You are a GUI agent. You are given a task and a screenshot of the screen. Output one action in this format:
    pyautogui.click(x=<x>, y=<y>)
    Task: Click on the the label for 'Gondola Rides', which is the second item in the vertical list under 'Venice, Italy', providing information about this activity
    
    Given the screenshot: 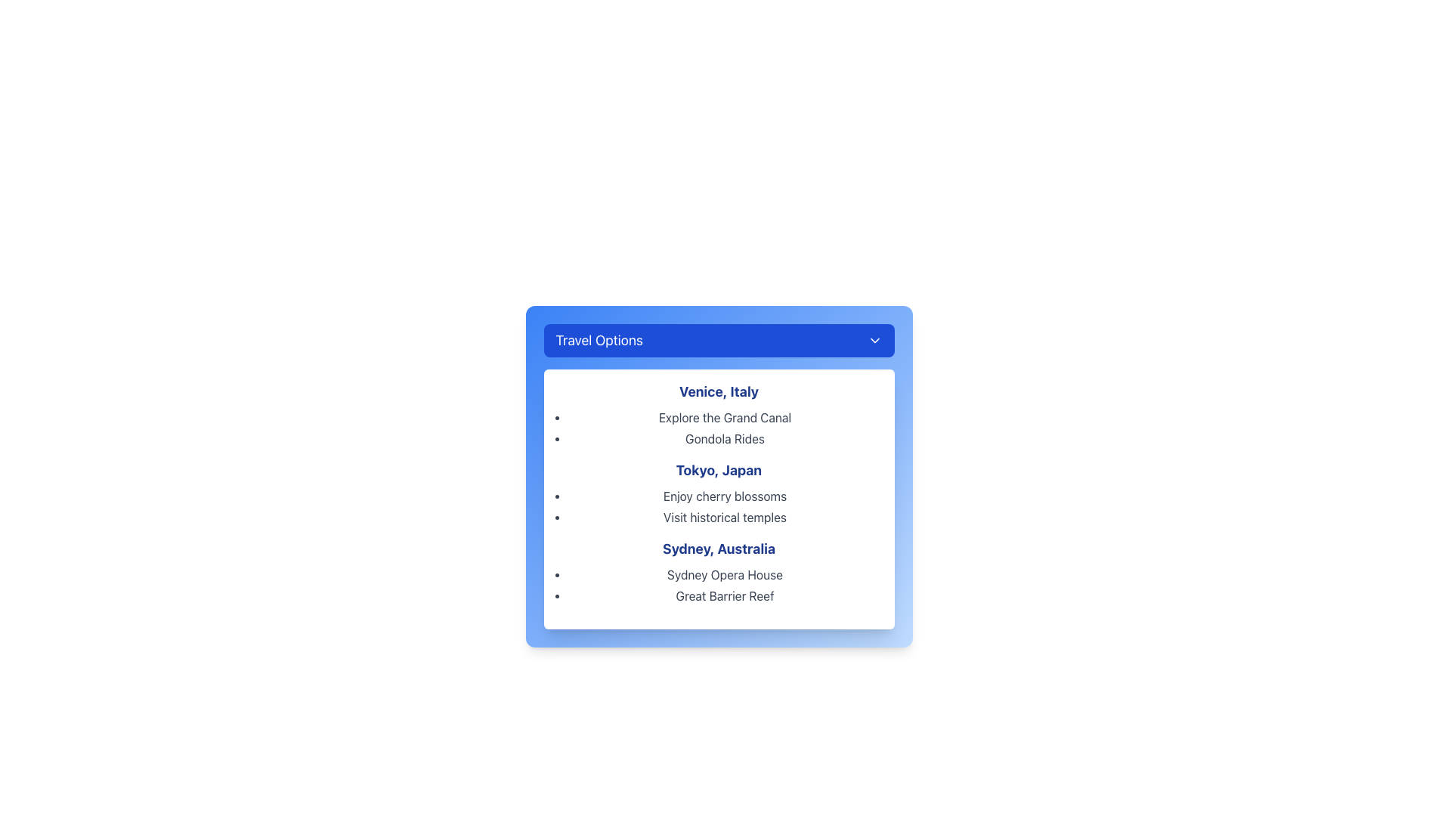 What is the action you would take?
    pyautogui.click(x=724, y=439)
    